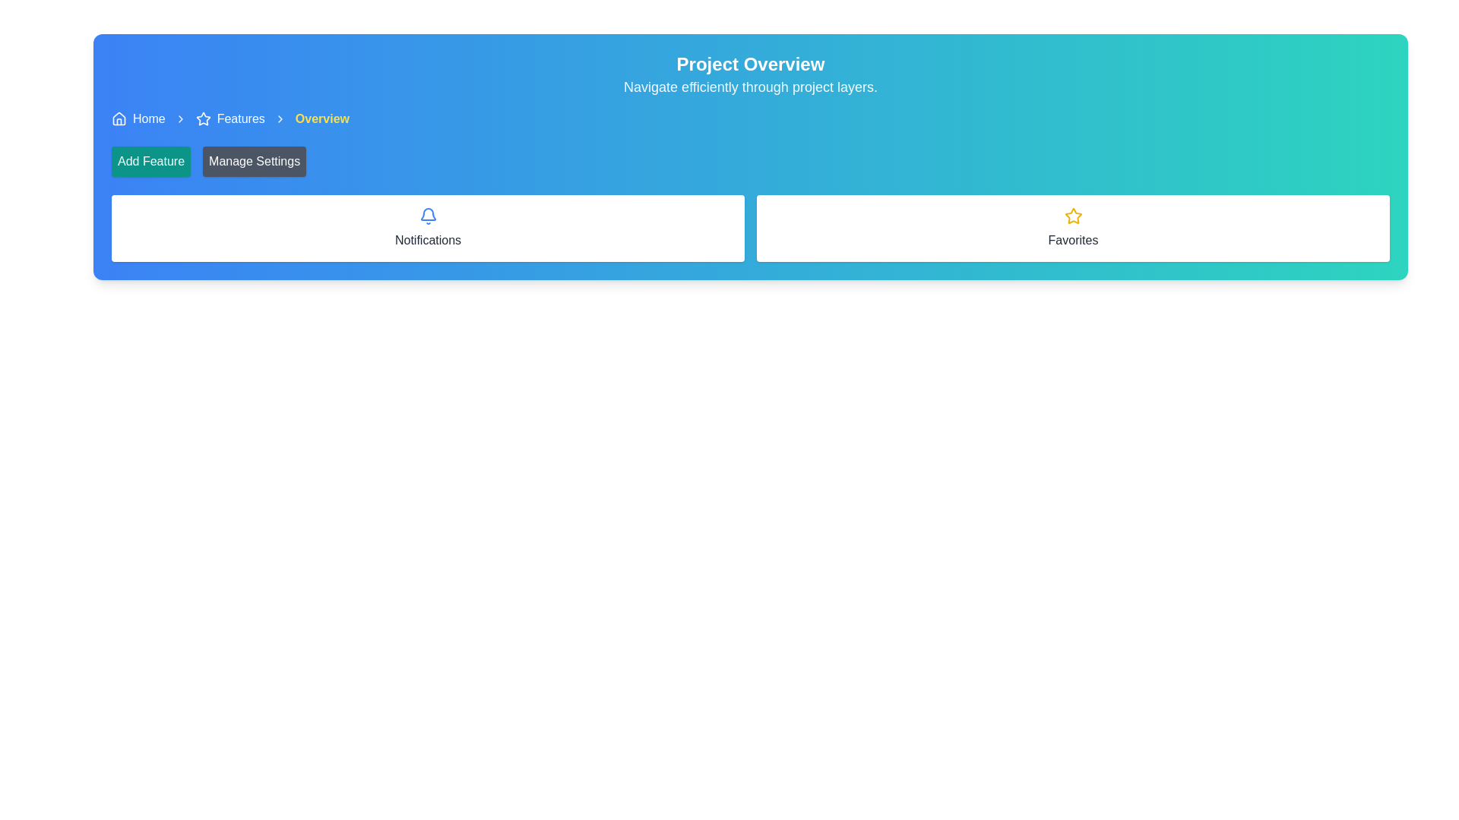  What do you see at coordinates (149, 118) in the screenshot?
I see `the hyperlink located to the right of the house-shaped icon in the horizontal navigation bar` at bounding box center [149, 118].